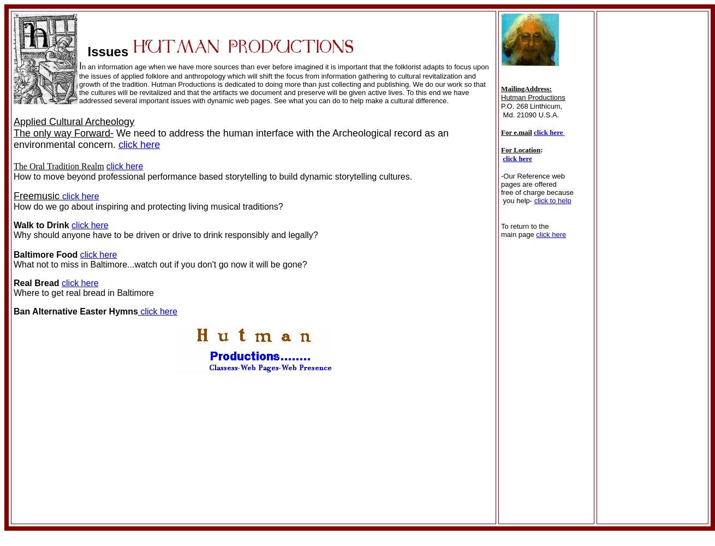 The height and width of the screenshot is (546, 715). I want to click on 'Baltimore Food', so click(45, 254).